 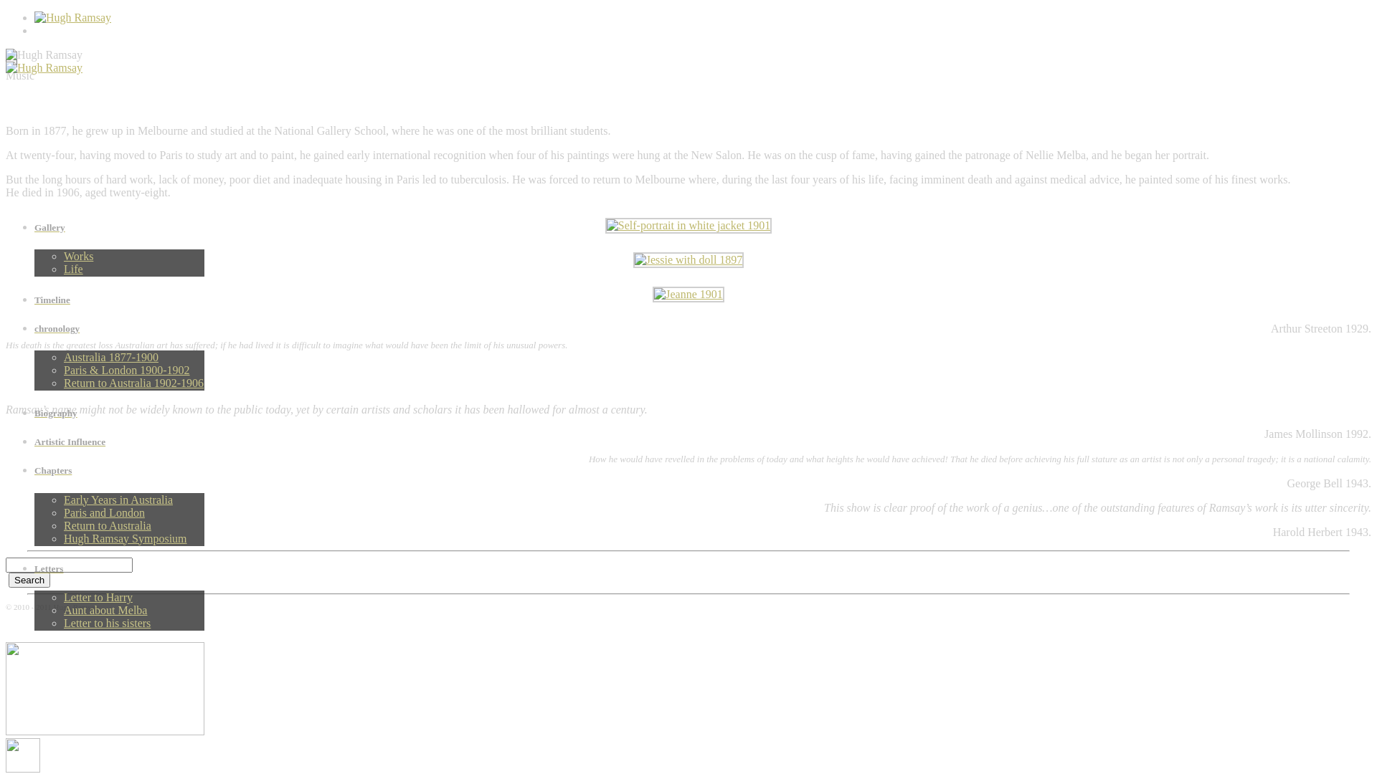 I want to click on 'Gallery', so click(x=34, y=226).